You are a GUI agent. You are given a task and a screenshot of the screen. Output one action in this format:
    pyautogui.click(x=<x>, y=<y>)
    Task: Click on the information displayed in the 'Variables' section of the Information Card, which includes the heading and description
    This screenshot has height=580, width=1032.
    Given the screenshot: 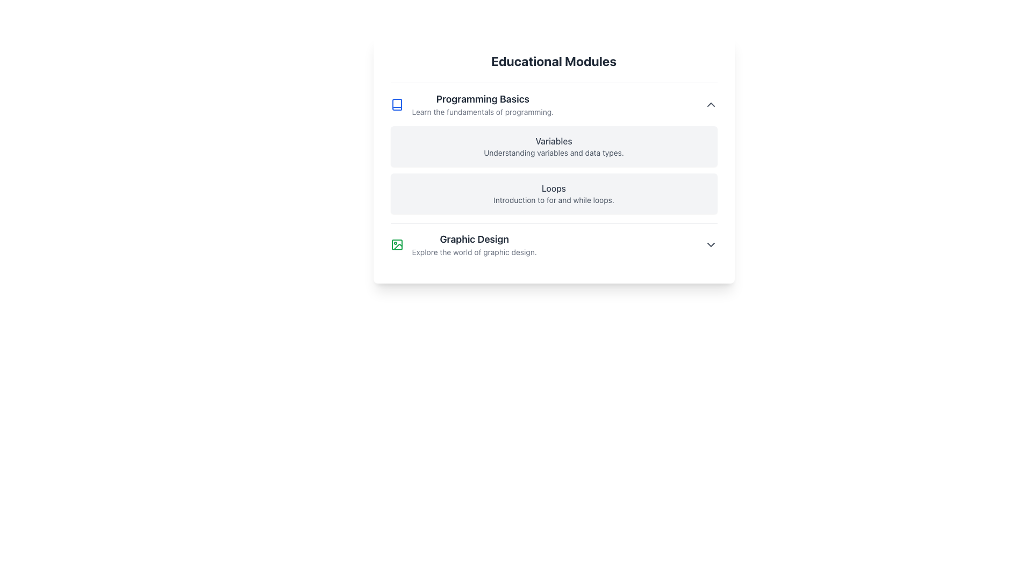 What is the action you would take?
    pyautogui.click(x=554, y=147)
    